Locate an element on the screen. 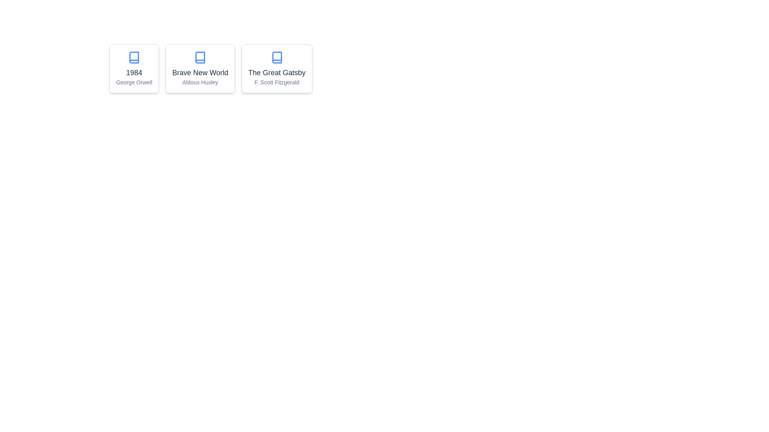 This screenshot has width=769, height=432. the card displaying 'The Great Gatsby' by F. Scott Fitzgerald, which is the third card in a horizontal sequence of cards with a white background and book icon is located at coordinates (277, 68).